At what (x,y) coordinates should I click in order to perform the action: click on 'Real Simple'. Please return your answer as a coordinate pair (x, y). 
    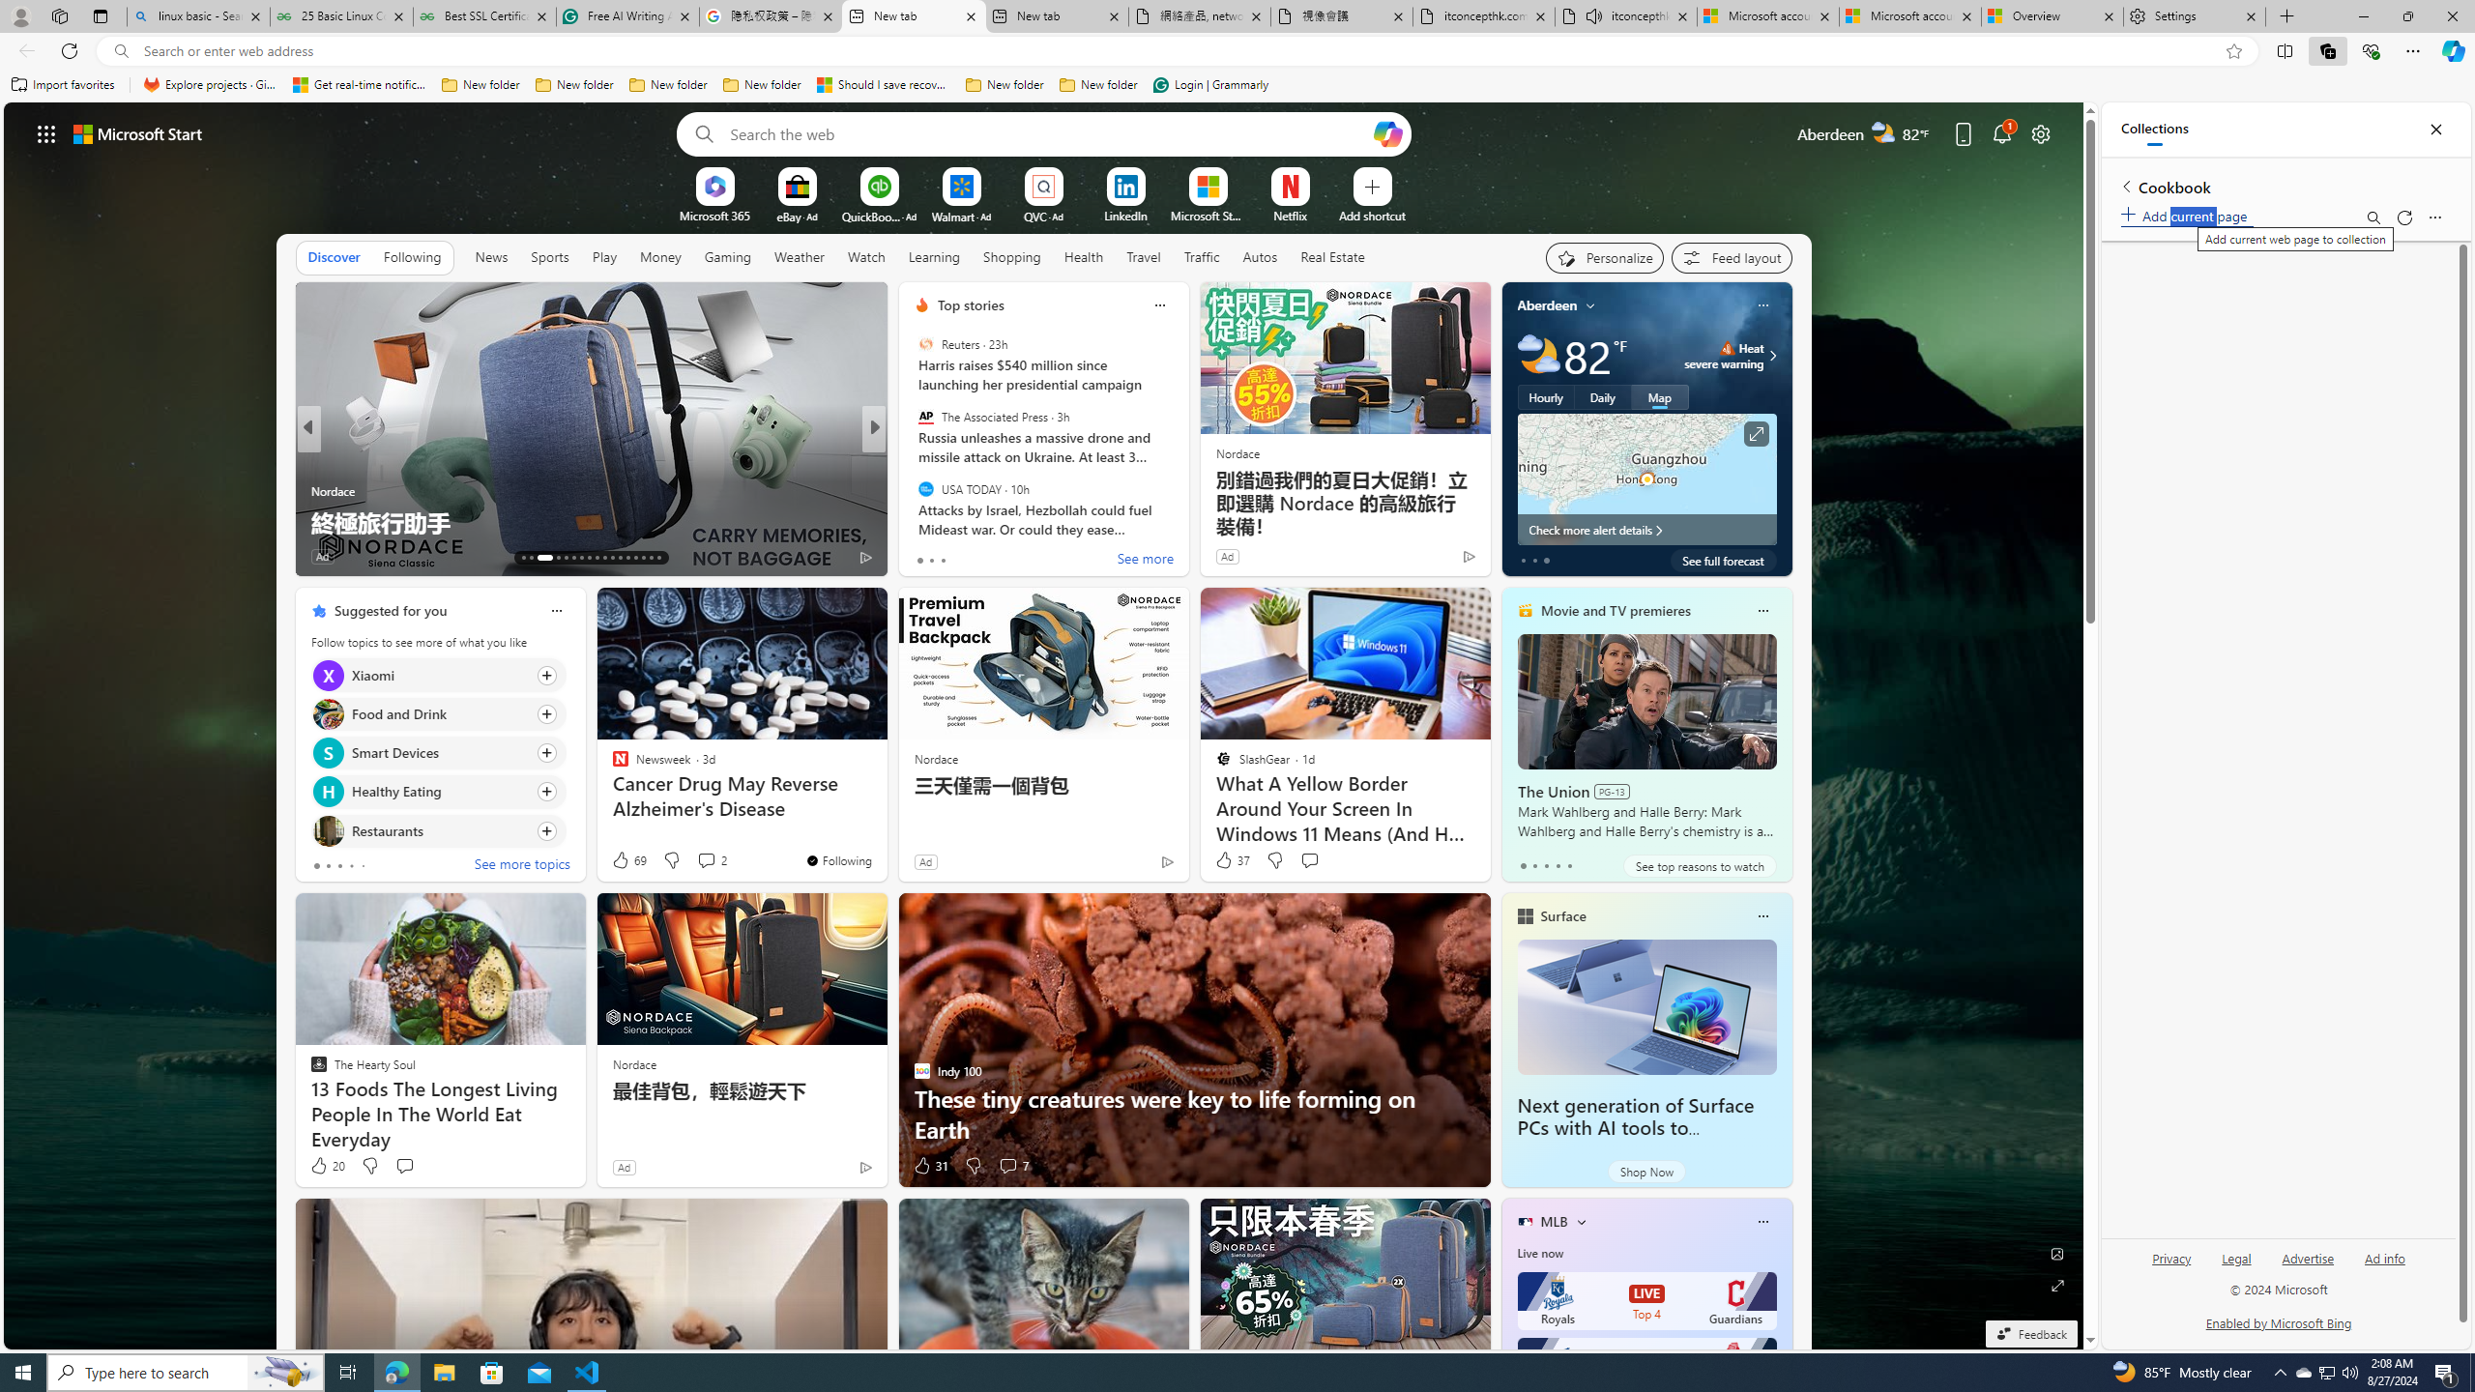
    Looking at the image, I should click on (914, 489).